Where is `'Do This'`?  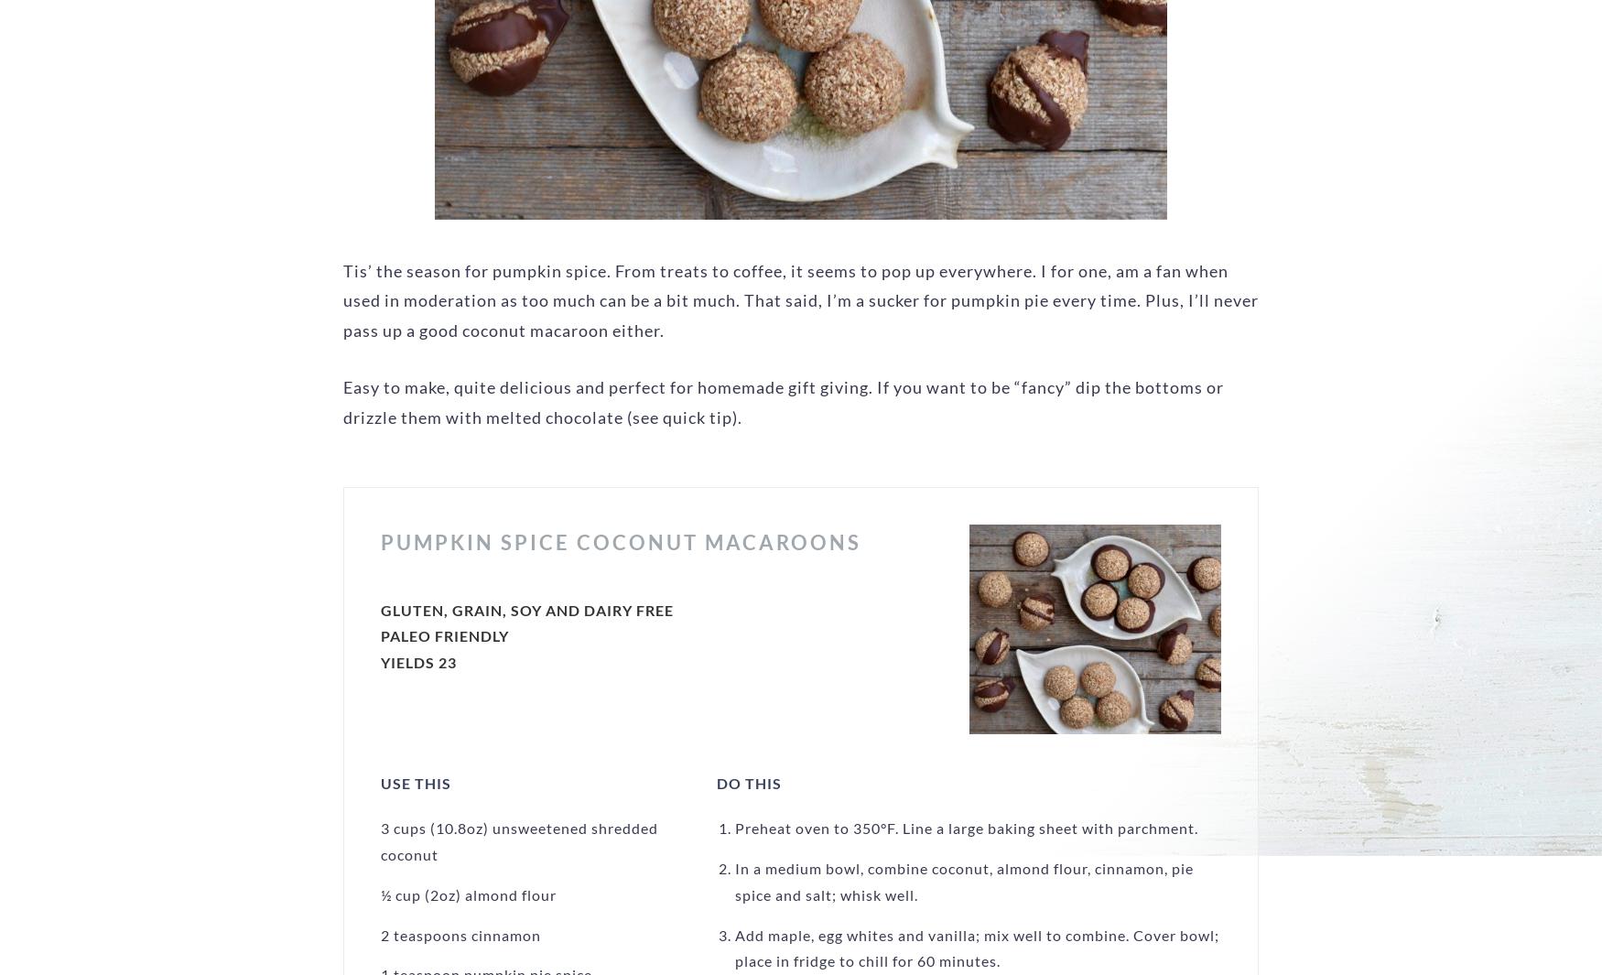 'Do This' is located at coordinates (749, 783).